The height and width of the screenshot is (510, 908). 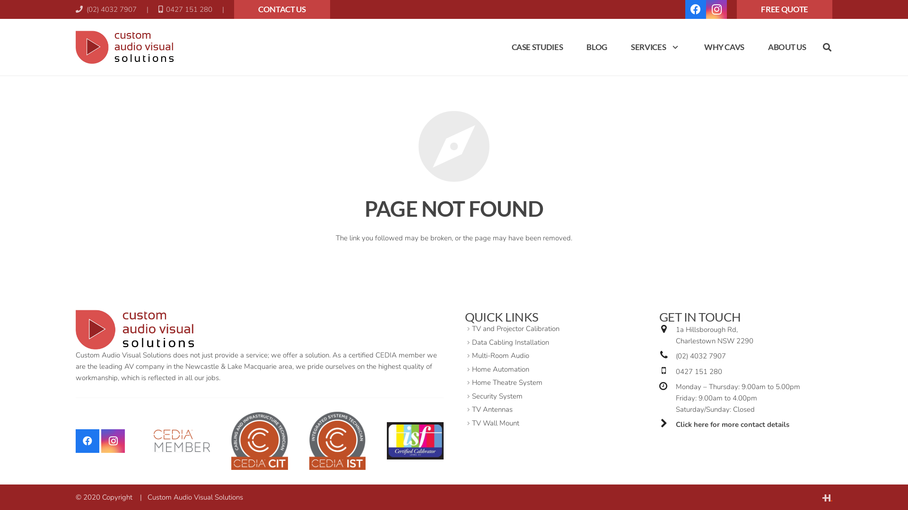 What do you see at coordinates (619, 47) in the screenshot?
I see `'SERVICES'` at bounding box center [619, 47].